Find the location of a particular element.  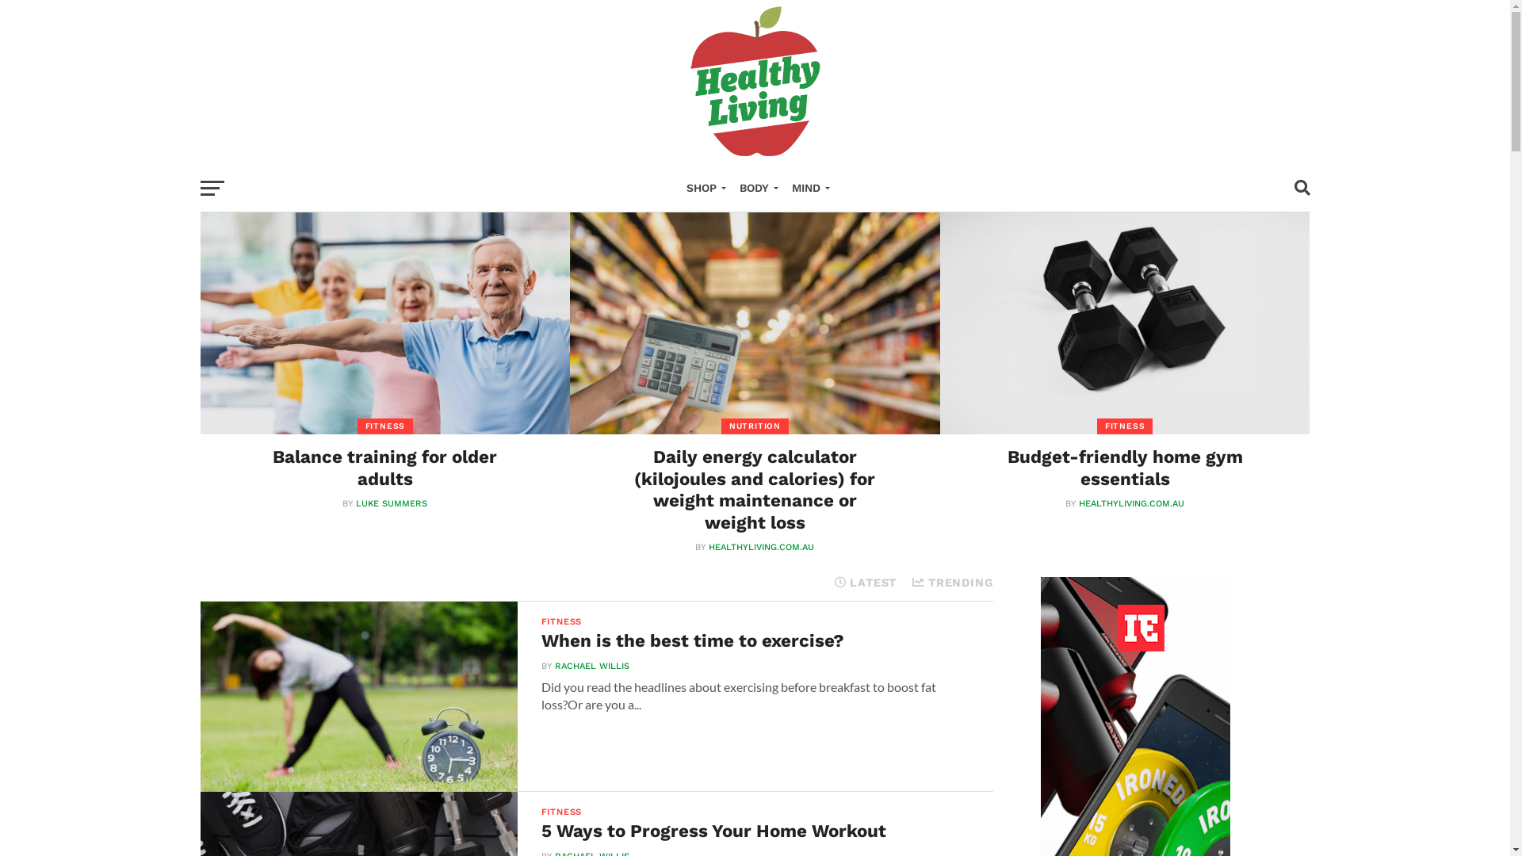

'MIND' is located at coordinates (807, 188).